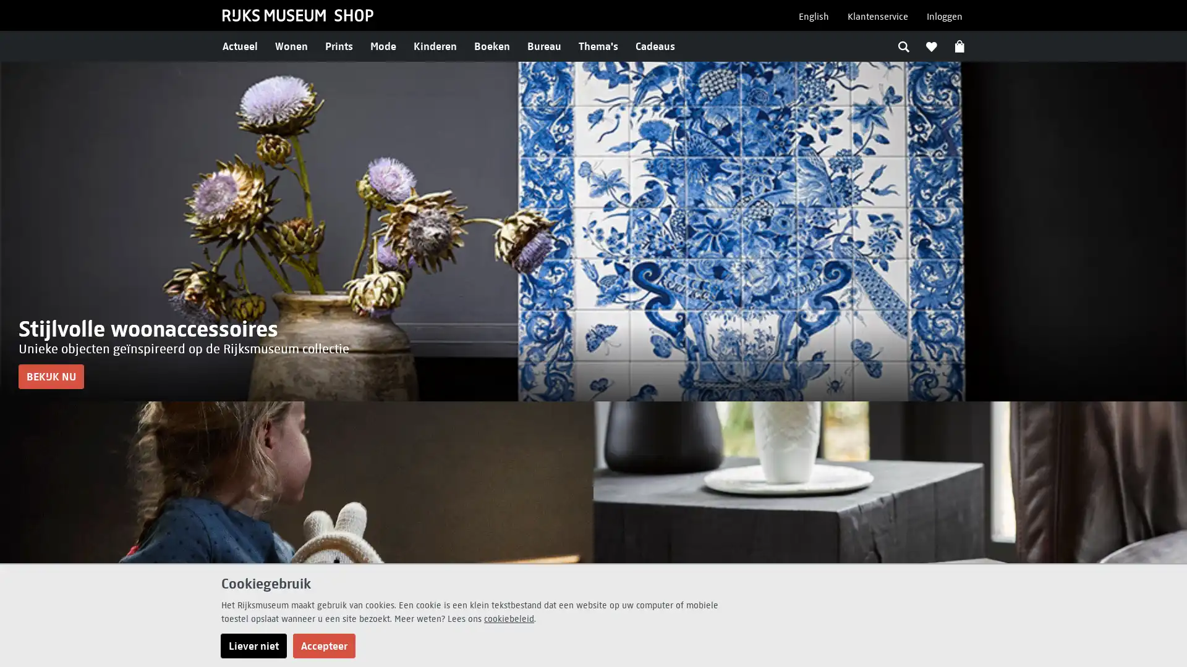  I want to click on English, so click(814, 17).